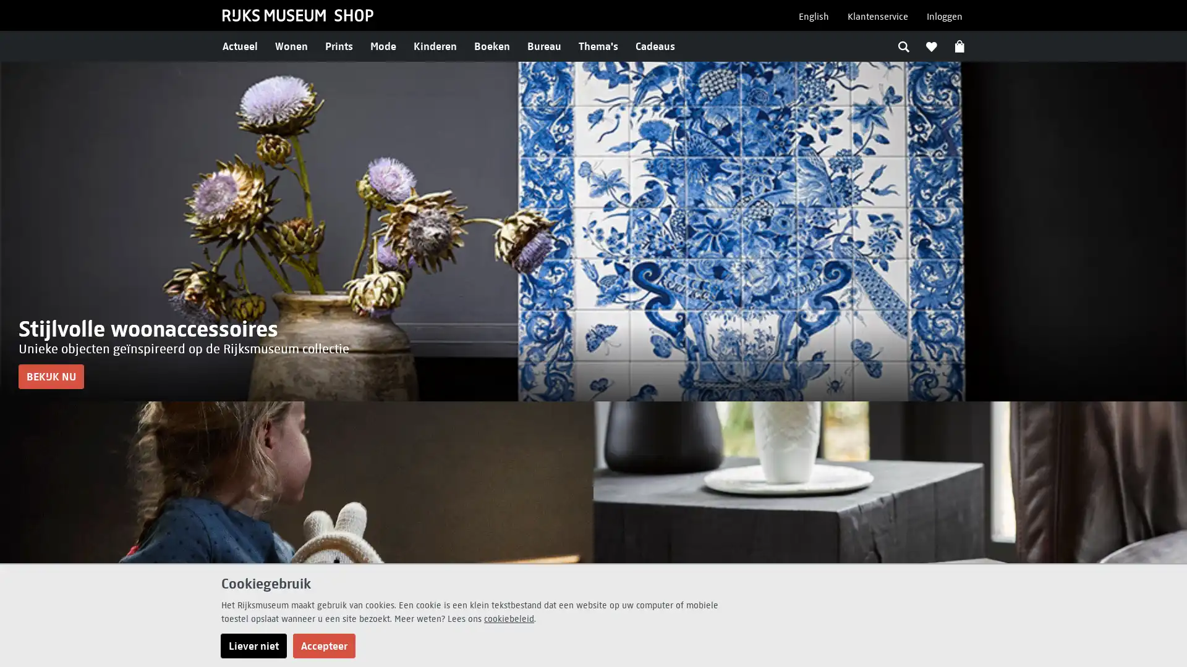  I want to click on English, so click(814, 17).